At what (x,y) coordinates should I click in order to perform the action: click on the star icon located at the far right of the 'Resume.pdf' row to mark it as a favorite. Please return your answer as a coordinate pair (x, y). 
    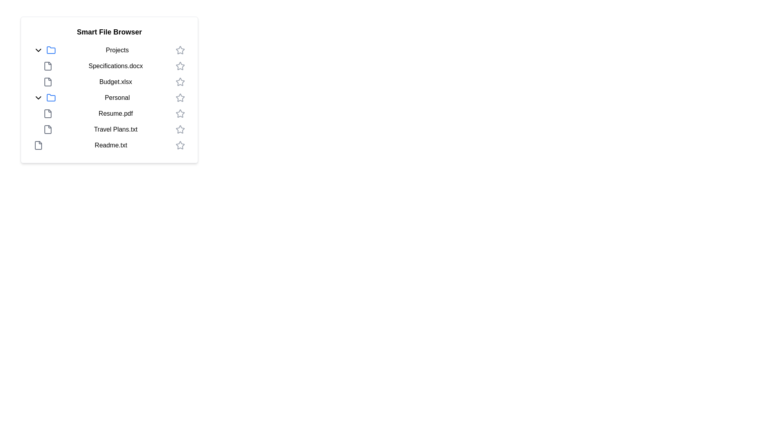
    Looking at the image, I should click on (180, 113).